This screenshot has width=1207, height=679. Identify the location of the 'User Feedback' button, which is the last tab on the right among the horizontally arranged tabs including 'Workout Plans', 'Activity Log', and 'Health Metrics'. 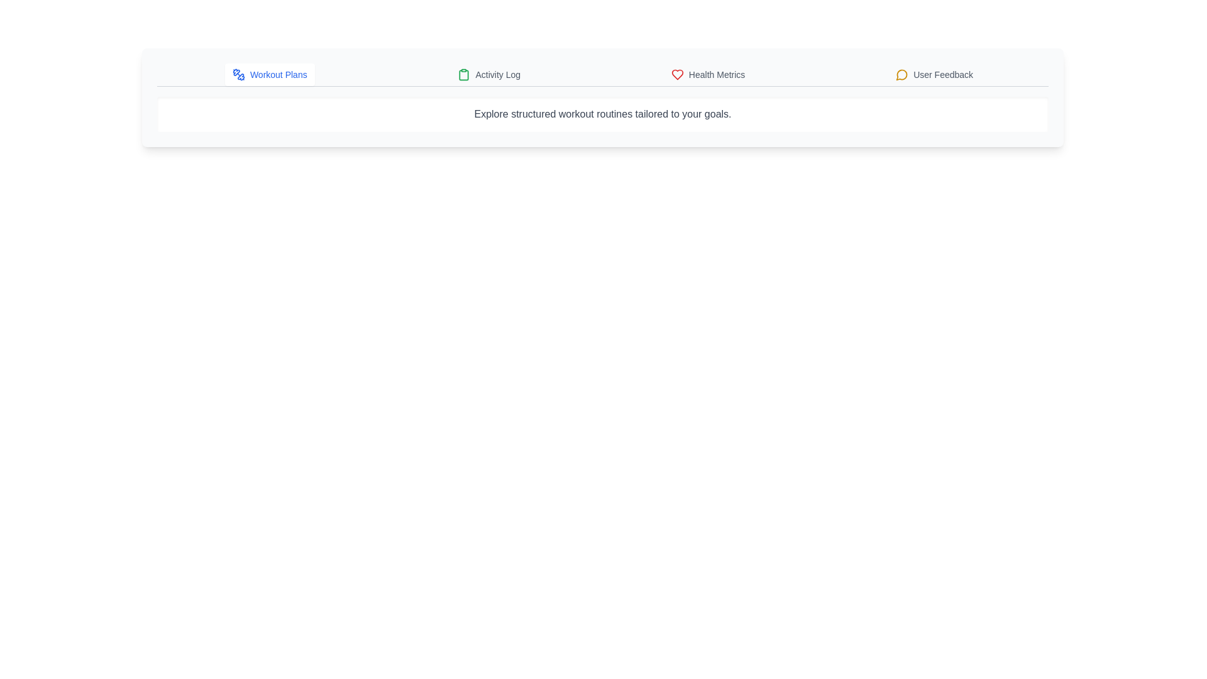
(934, 75).